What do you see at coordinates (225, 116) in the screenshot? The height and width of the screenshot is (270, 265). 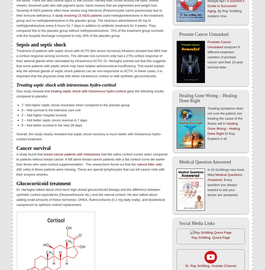 I see `'Treating symptoms does not cure the patient, but treating the cause of the illness will.In'` at bounding box center [225, 116].